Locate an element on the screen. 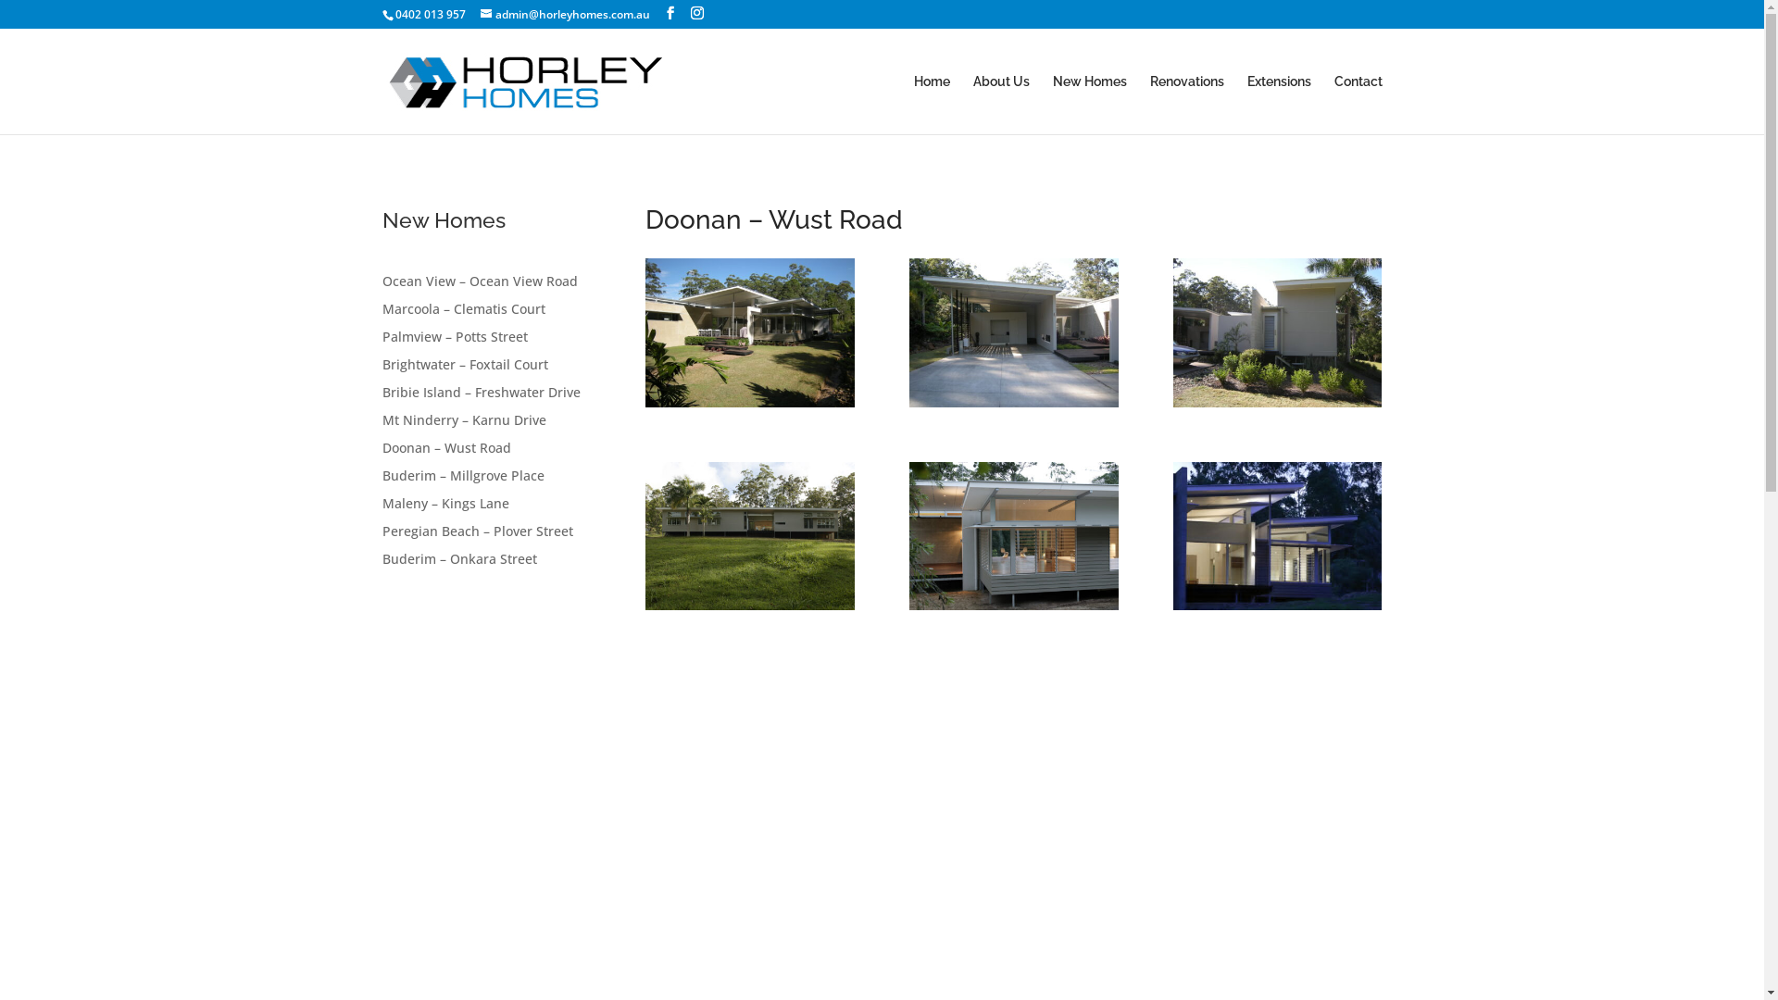 This screenshot has height=1000, width=1778. 'Home' is located at coordinates (912, 104).